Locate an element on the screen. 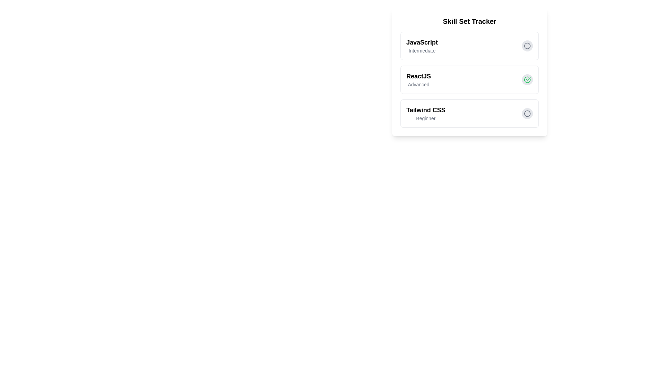 This screenshot has width=664, height=373. the toggle button for the skill 'JavaScript' in the skill tracker interface is located at coordinates (527, 46).